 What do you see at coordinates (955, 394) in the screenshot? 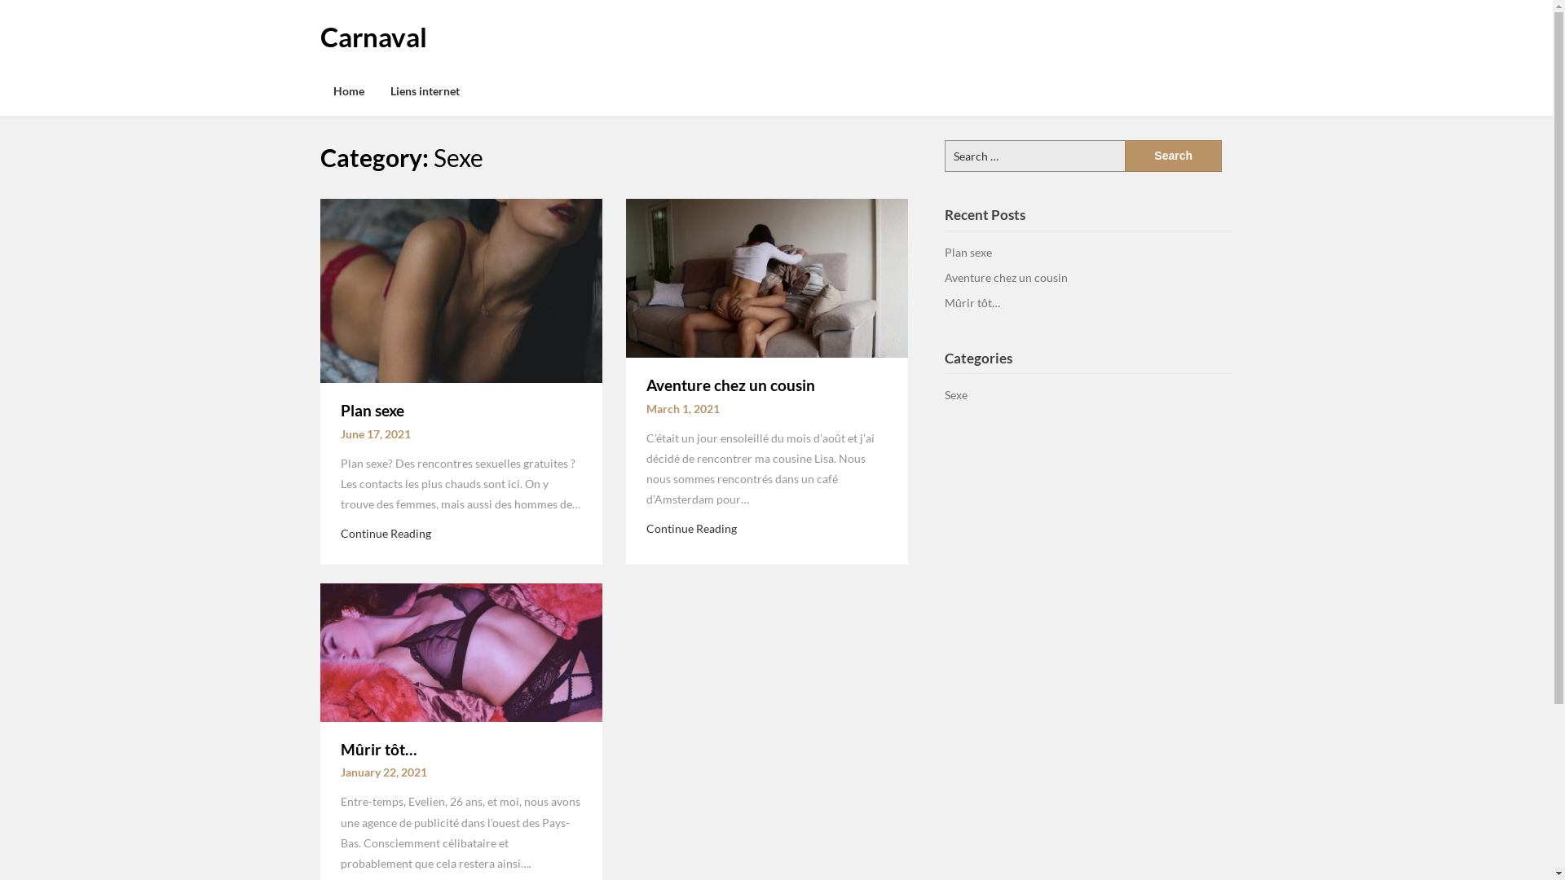
I see `'Sexe'` at bounding box center [955, 394].